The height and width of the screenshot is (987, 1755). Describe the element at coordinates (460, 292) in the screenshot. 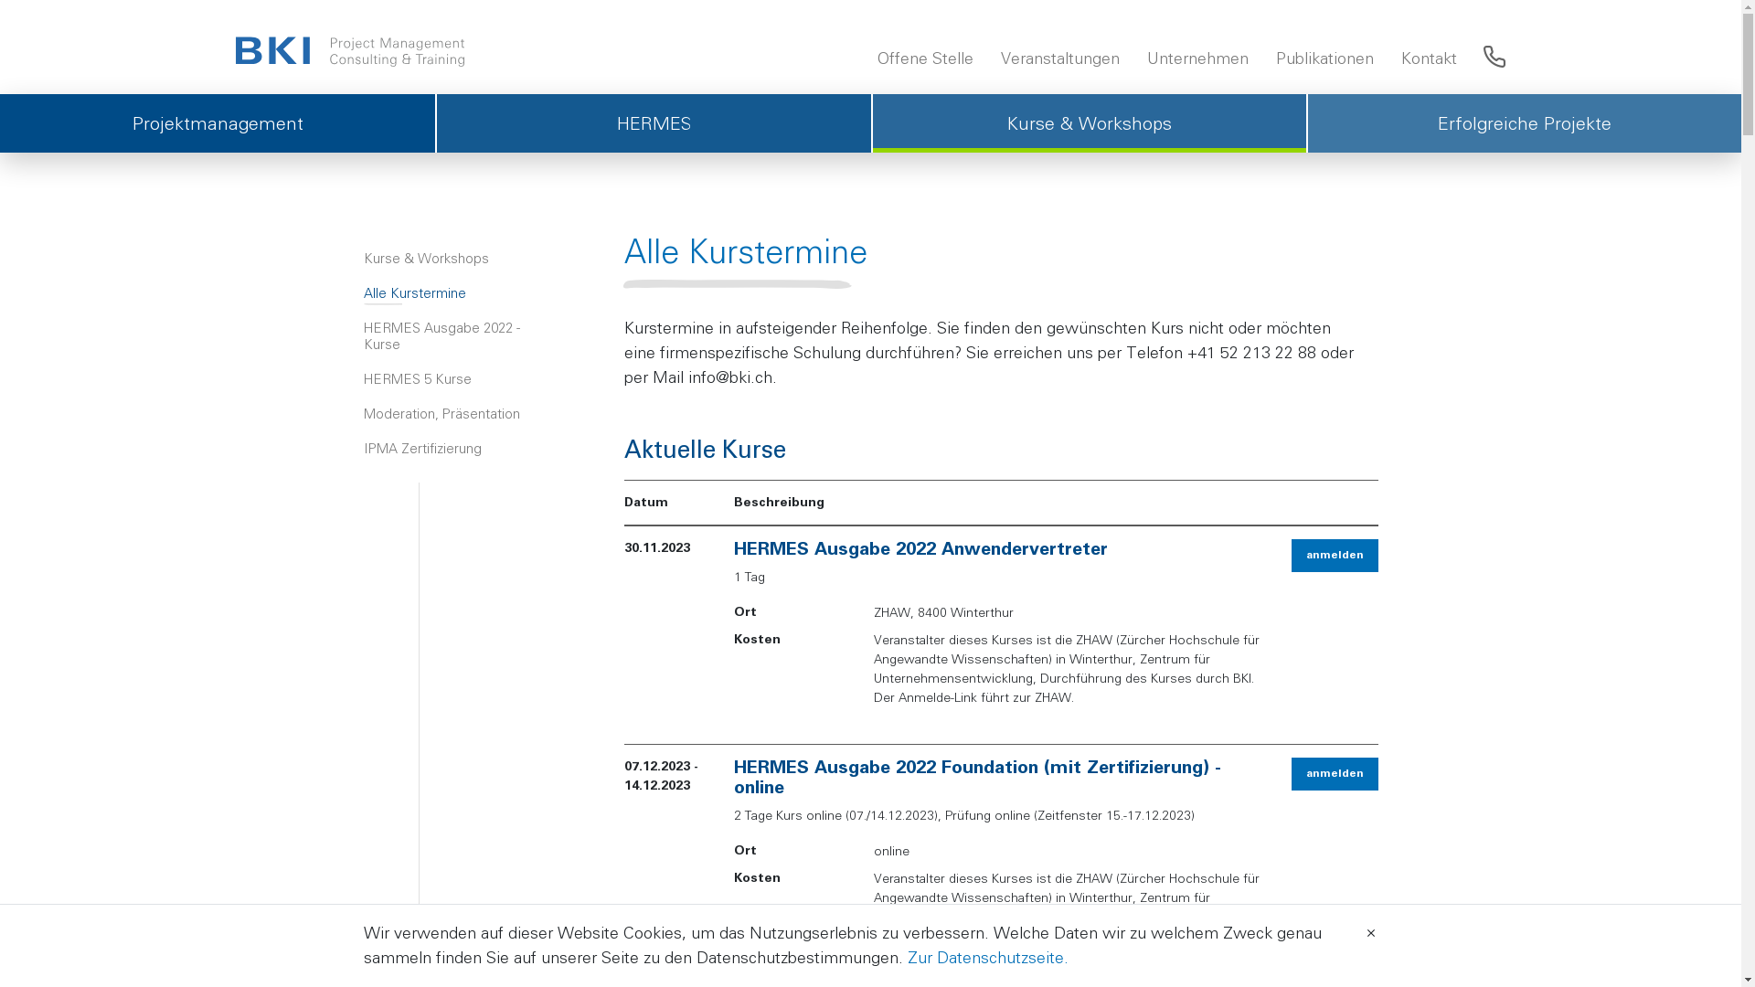

I see `'Alle Kurstermine'` at that location.